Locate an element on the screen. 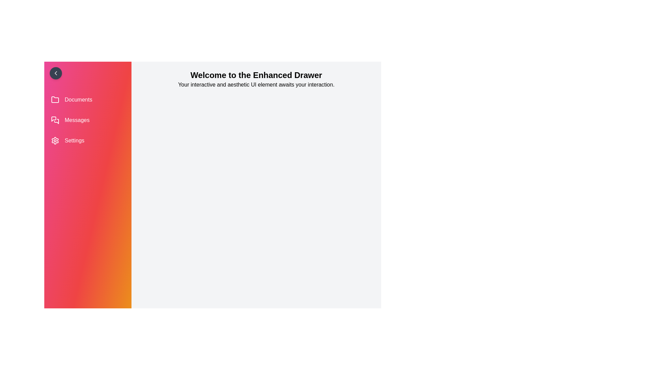 Image resolution: width=654 pixels, height=368 pixels. the 'Settings' menu item in the drawer is located at coordinates (88, 140).